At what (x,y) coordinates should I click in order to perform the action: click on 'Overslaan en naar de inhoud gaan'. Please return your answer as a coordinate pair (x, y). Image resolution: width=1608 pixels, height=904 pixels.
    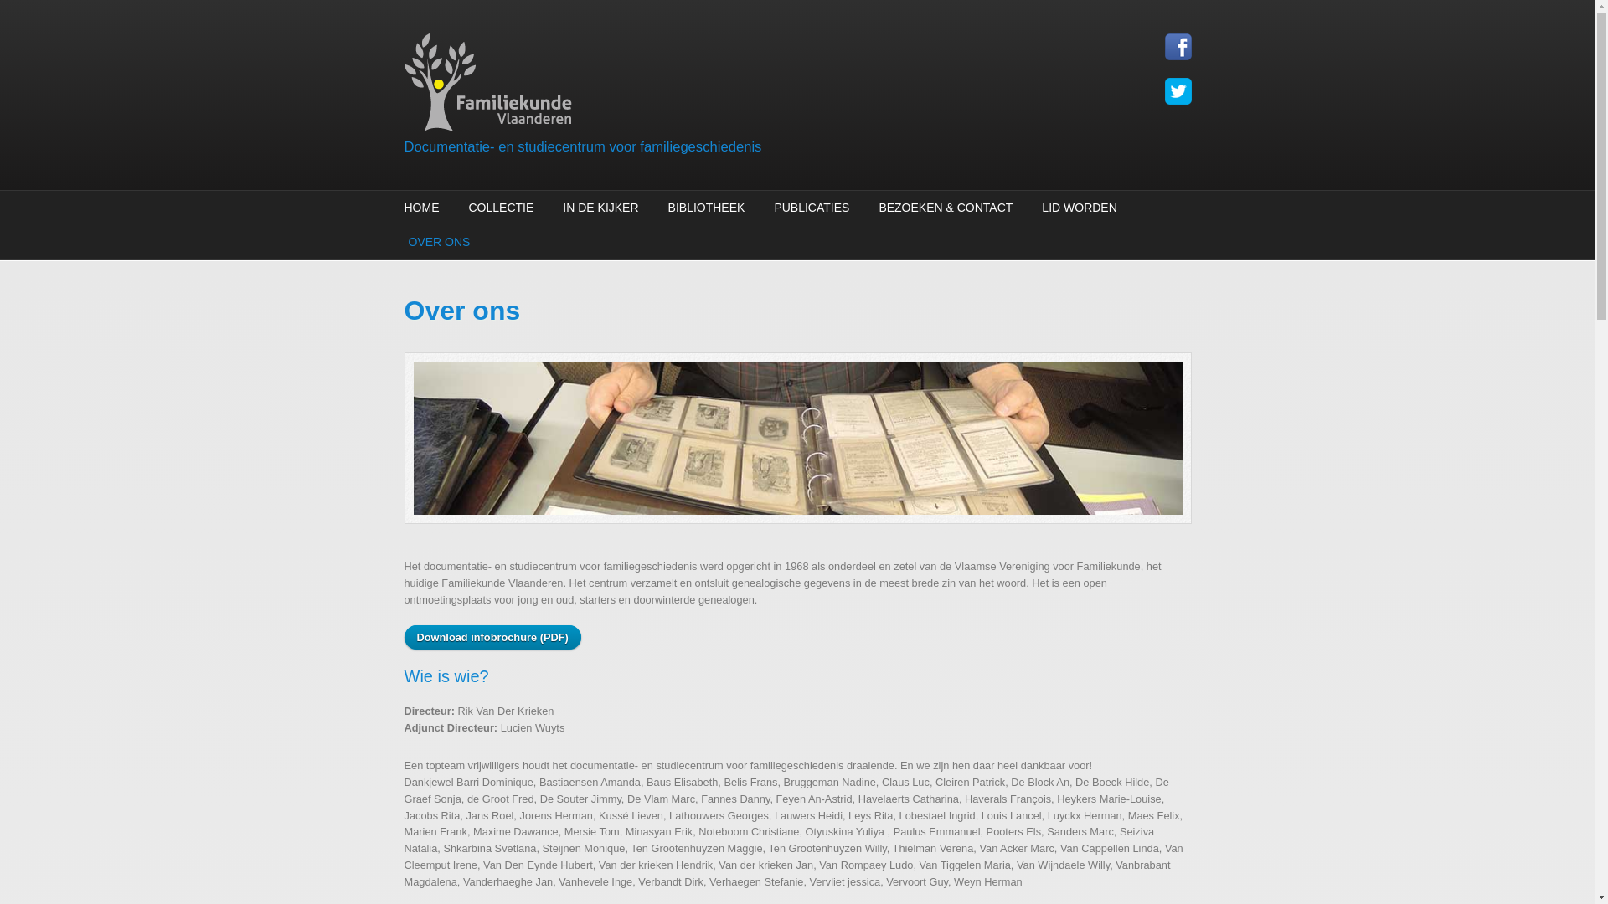
    Looking at the image, I should click on (0, 0).